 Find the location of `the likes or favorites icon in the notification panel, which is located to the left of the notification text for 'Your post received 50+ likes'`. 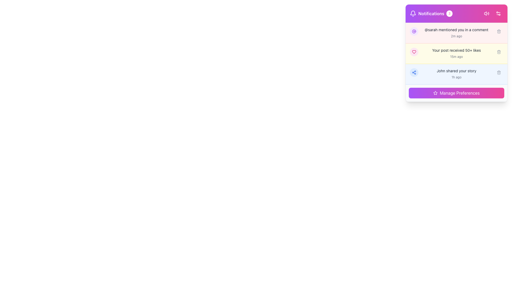

the likes or favorites icon in the notification panel, which is located to the left of the notification text for 'Your post received 50+ likes' is located at coordinates (414, 52).